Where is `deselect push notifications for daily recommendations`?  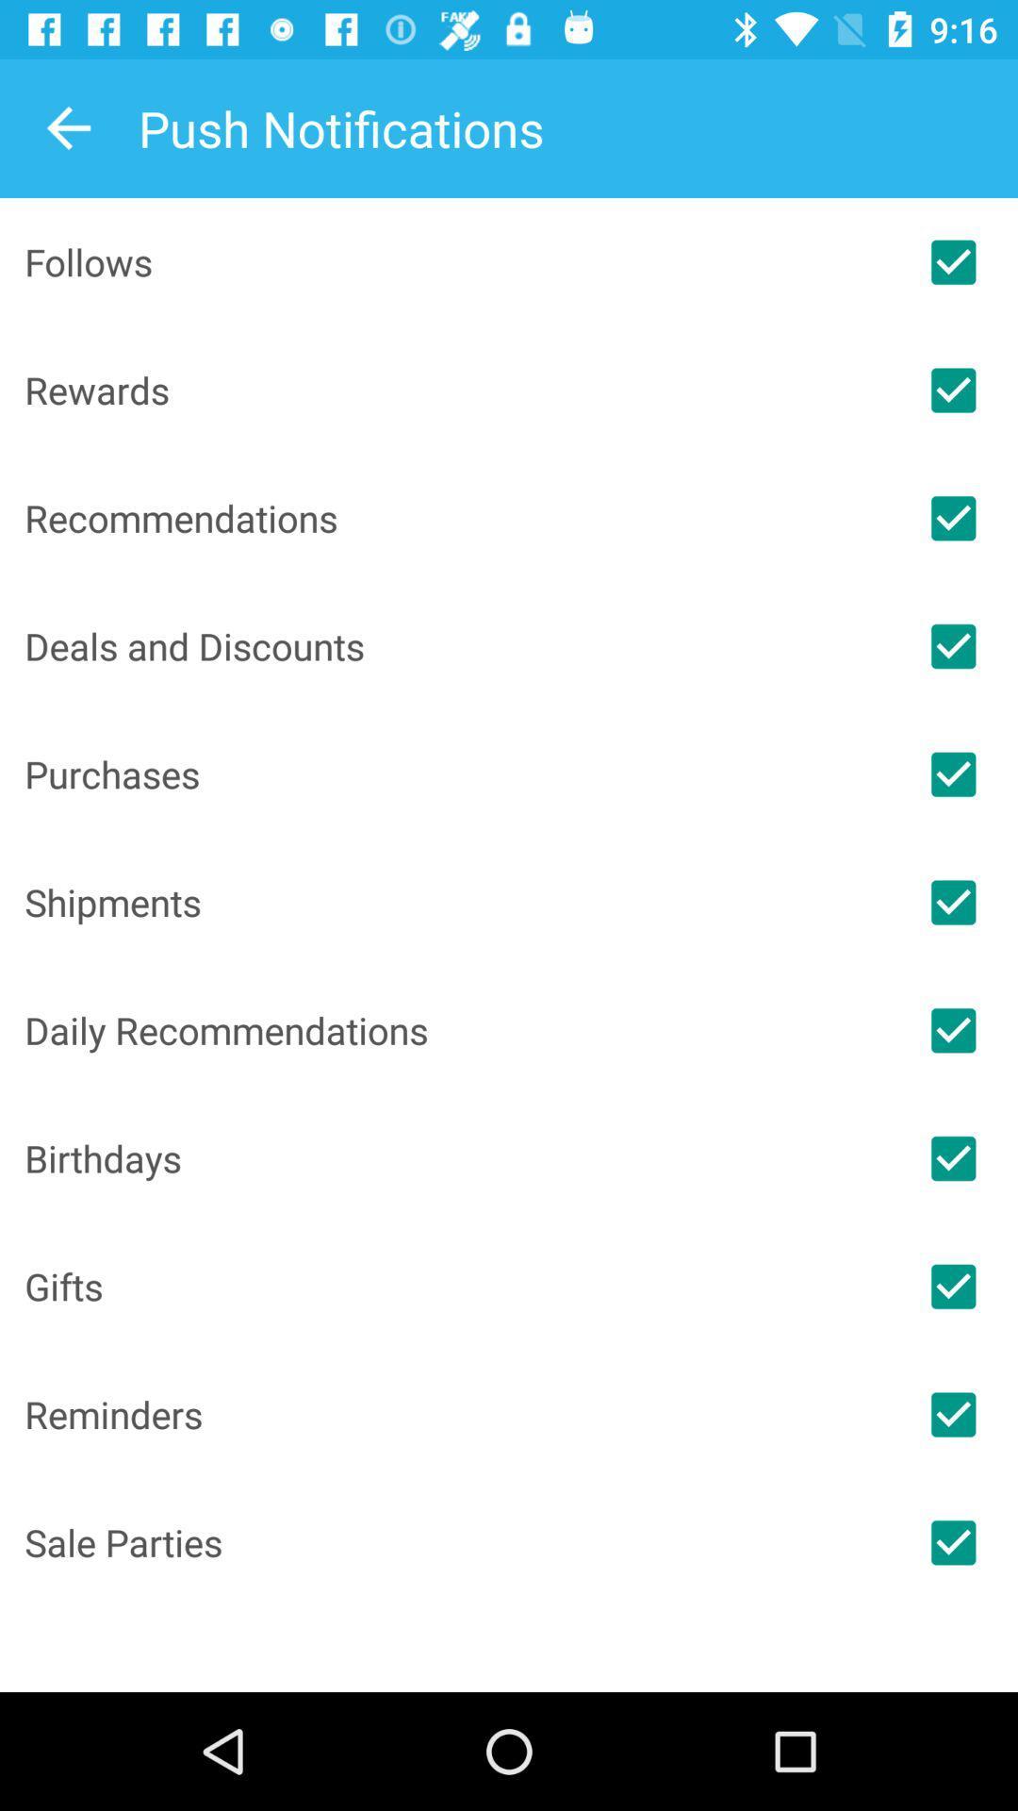 deselect push notifications for daily recommendations is located at coordinates (953, 1029).